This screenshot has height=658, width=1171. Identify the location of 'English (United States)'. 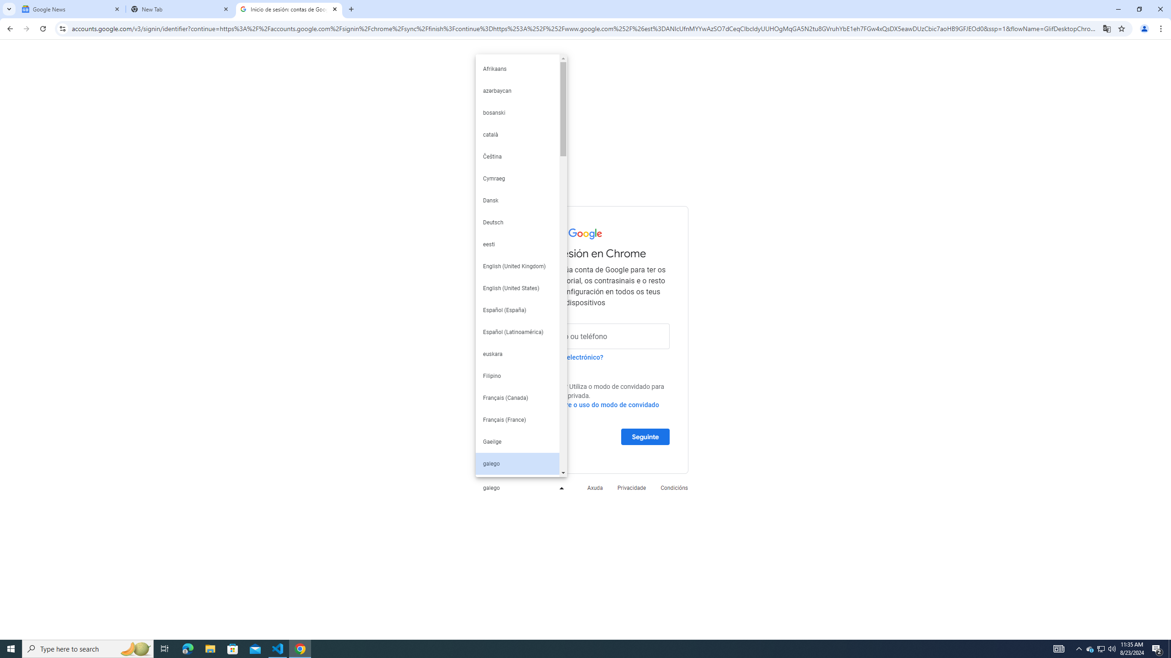
(517, 288).